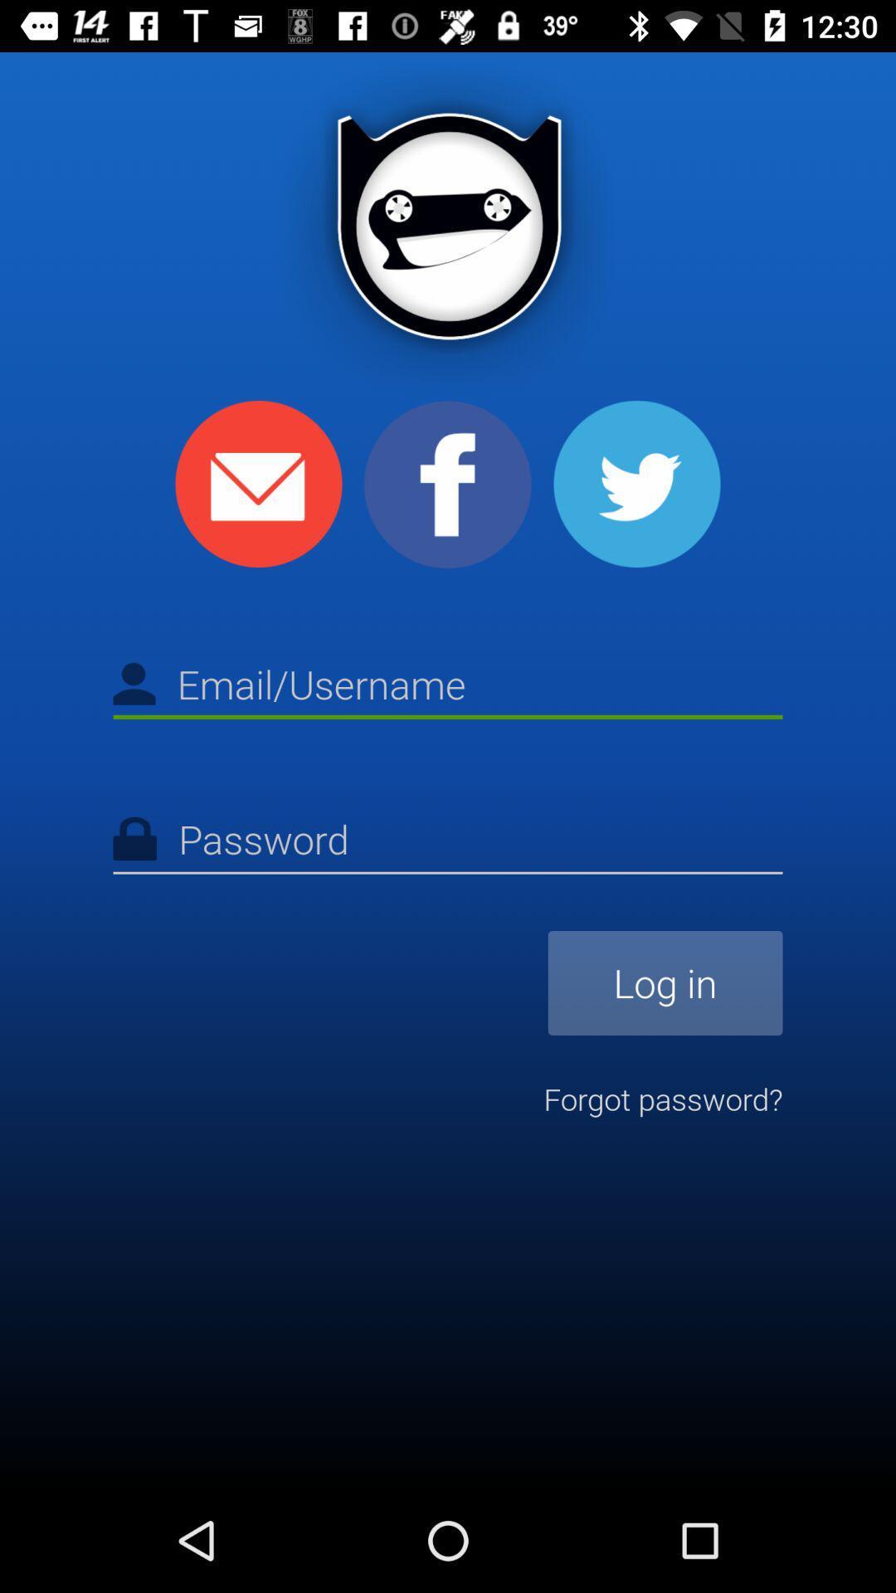  I want to click on forgot password? at the bottom right corner, so click(662, 1099).